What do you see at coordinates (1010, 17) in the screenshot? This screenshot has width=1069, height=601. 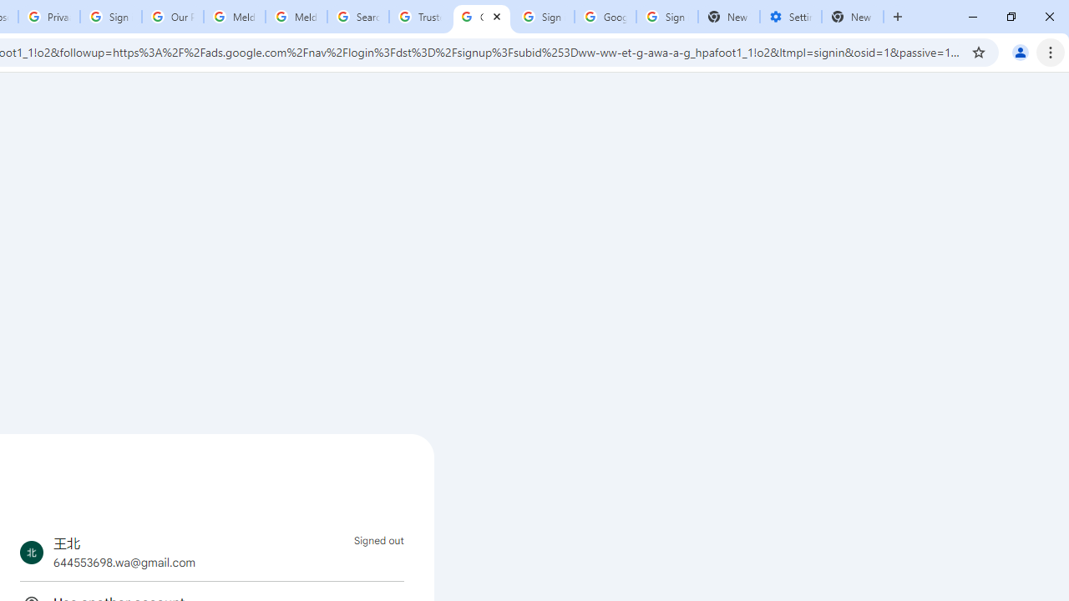 I see `'Restore'` at bounding box center [1010, 17].